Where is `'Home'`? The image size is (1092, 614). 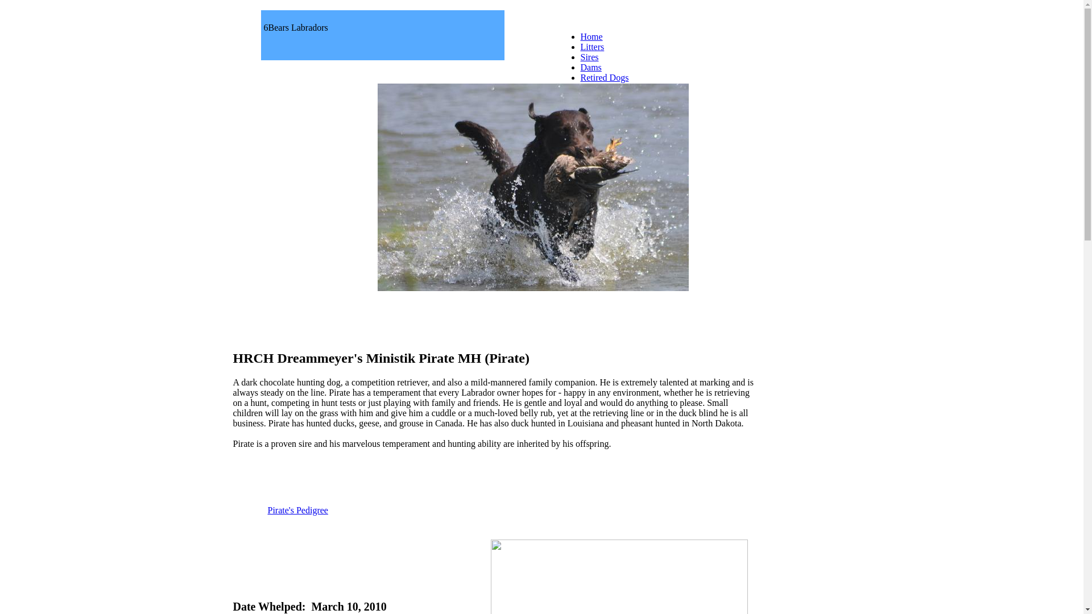
'Home' is located at coordinates (591, 36).